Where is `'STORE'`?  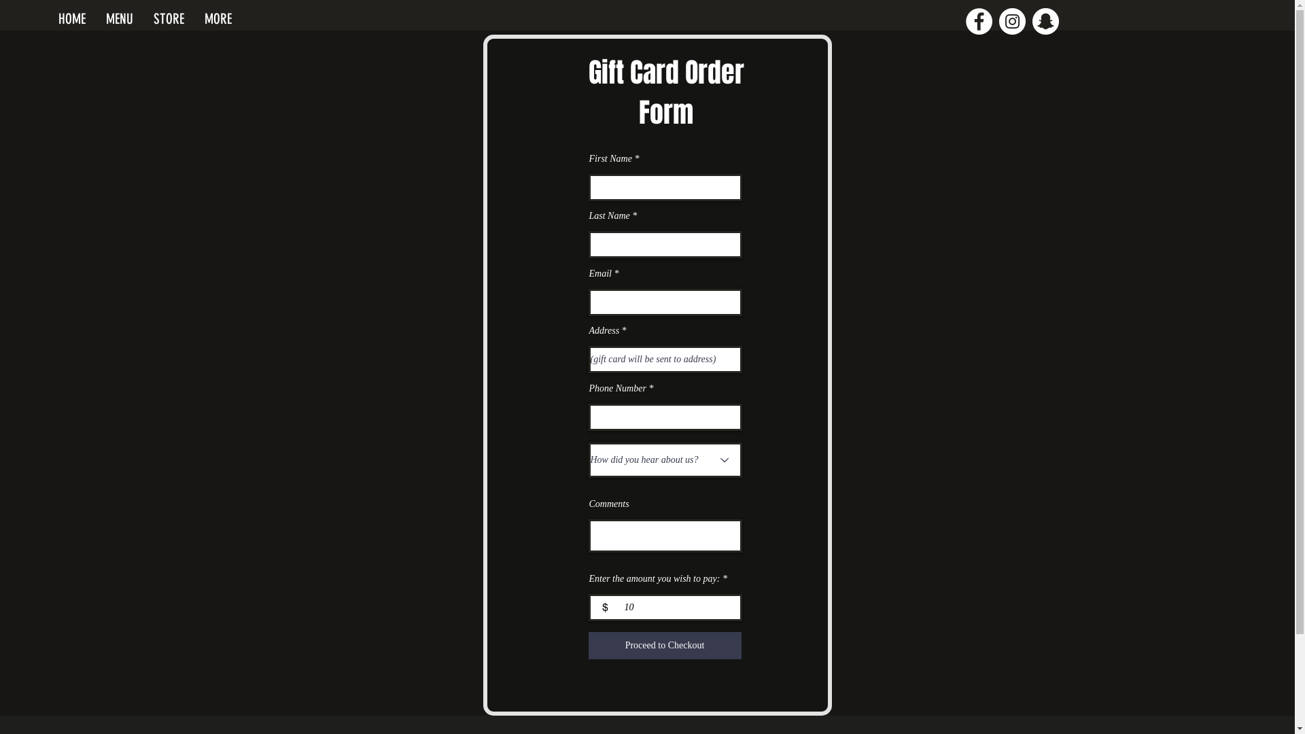
'STORE' is located at coordinates (168, 18).